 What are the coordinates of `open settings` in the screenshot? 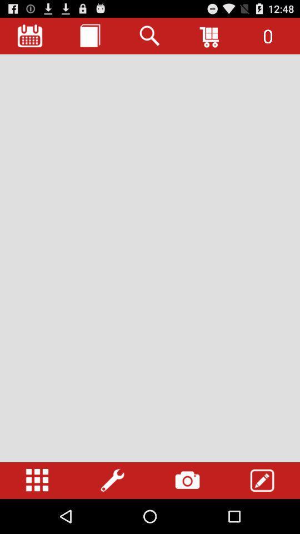 It's located at (37, 480).